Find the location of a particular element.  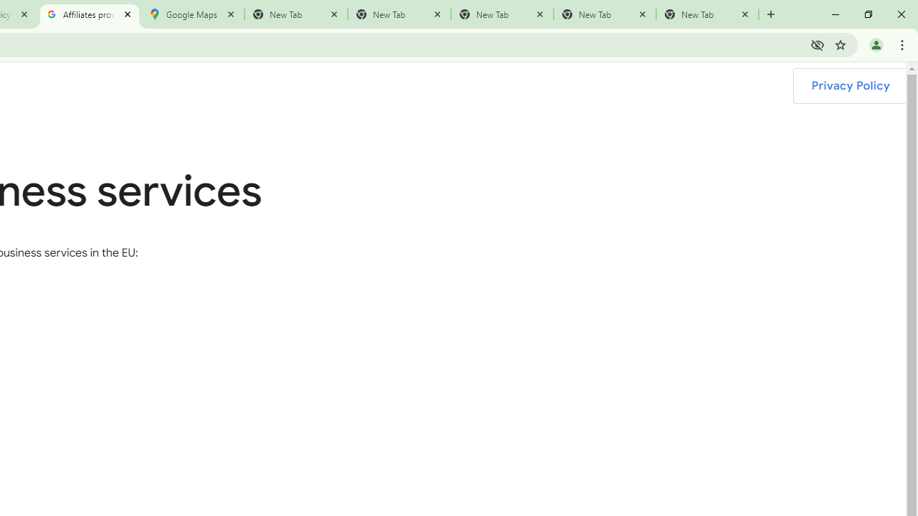

'New Tab' is located at coordinates (707, 14).